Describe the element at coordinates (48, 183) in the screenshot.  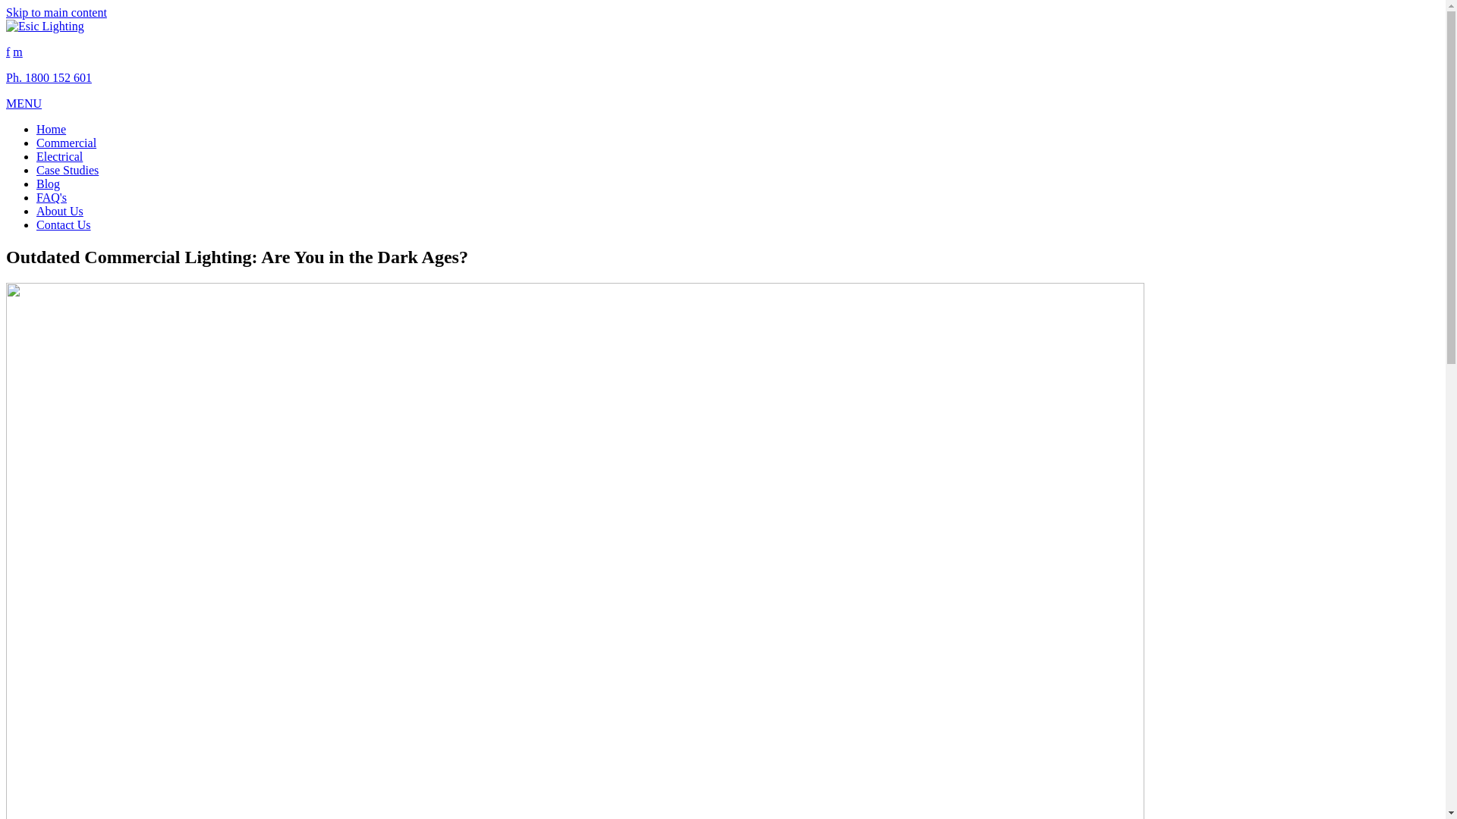
I see `'Blog'` at that location.